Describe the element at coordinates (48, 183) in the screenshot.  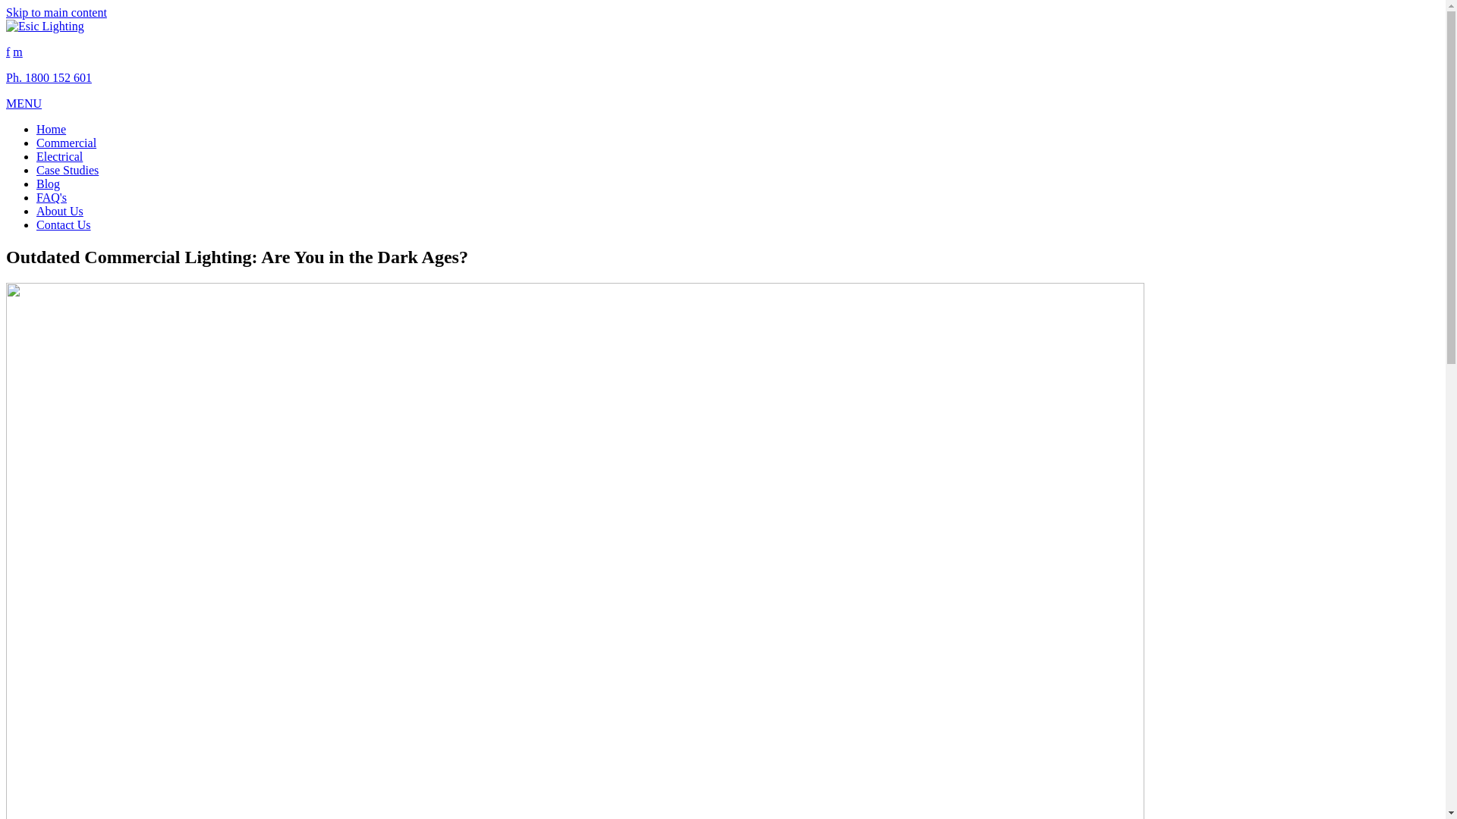
I see `'Blog'` at that location.